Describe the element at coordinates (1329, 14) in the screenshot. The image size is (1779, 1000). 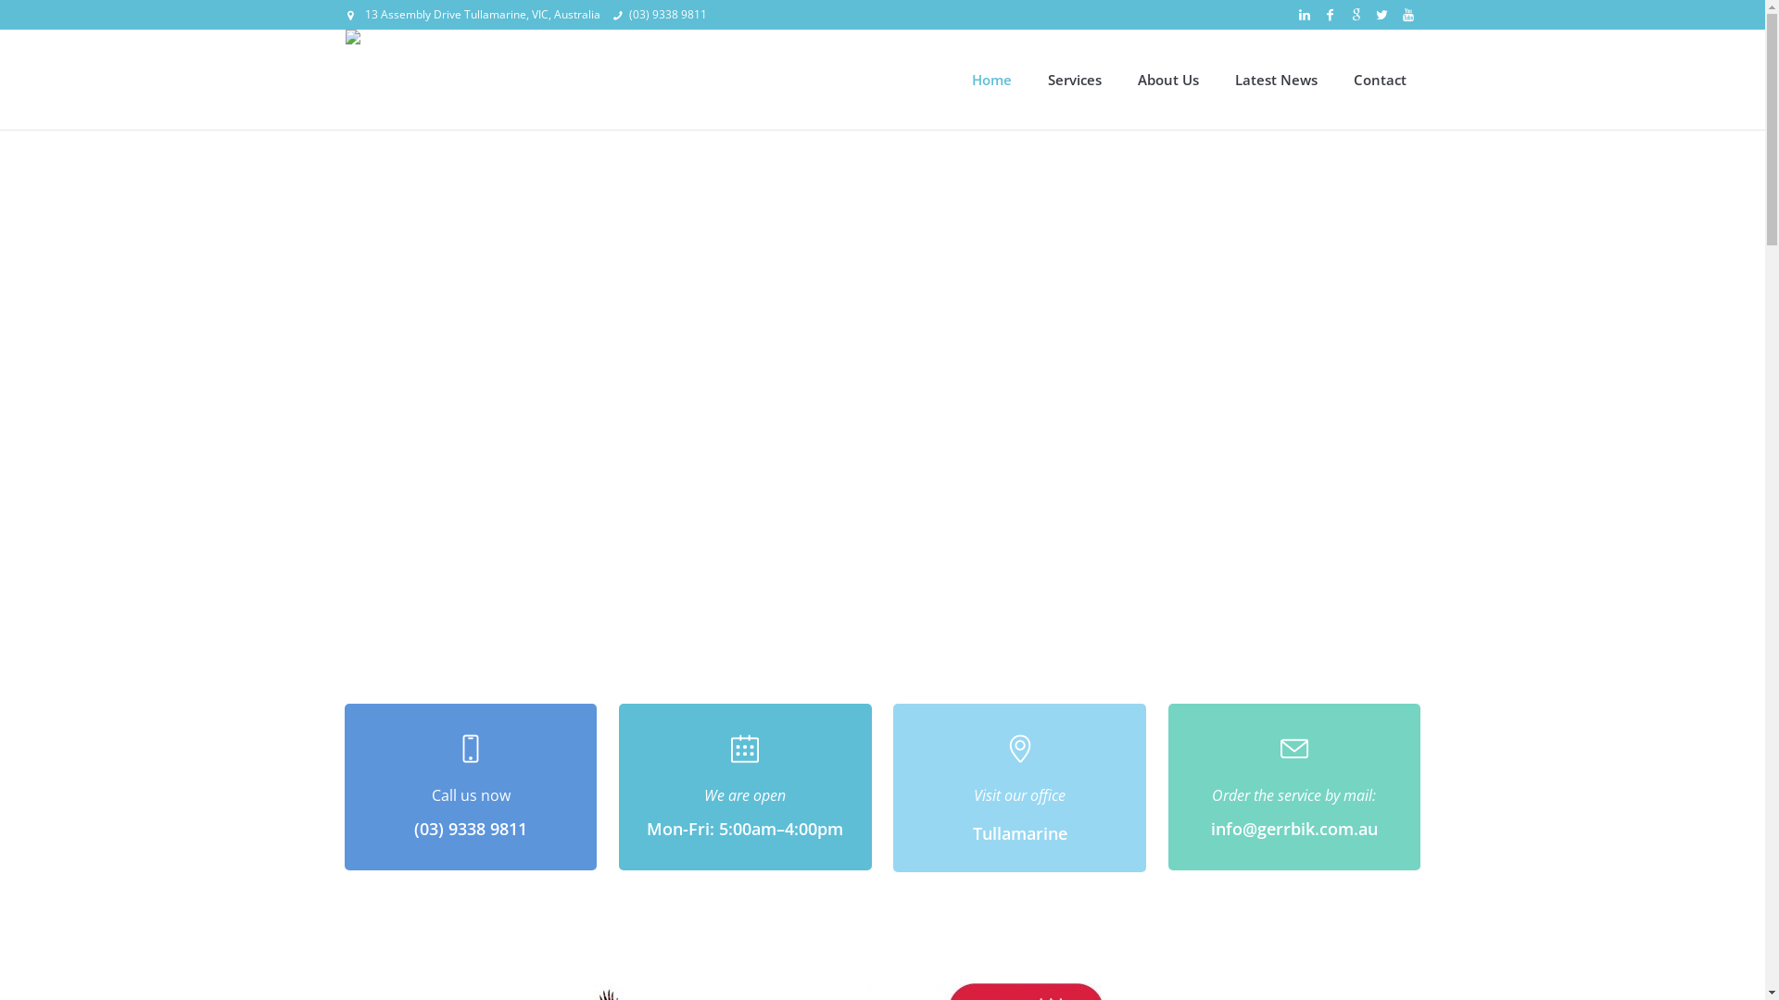
I see `'Facebook'` at that location.